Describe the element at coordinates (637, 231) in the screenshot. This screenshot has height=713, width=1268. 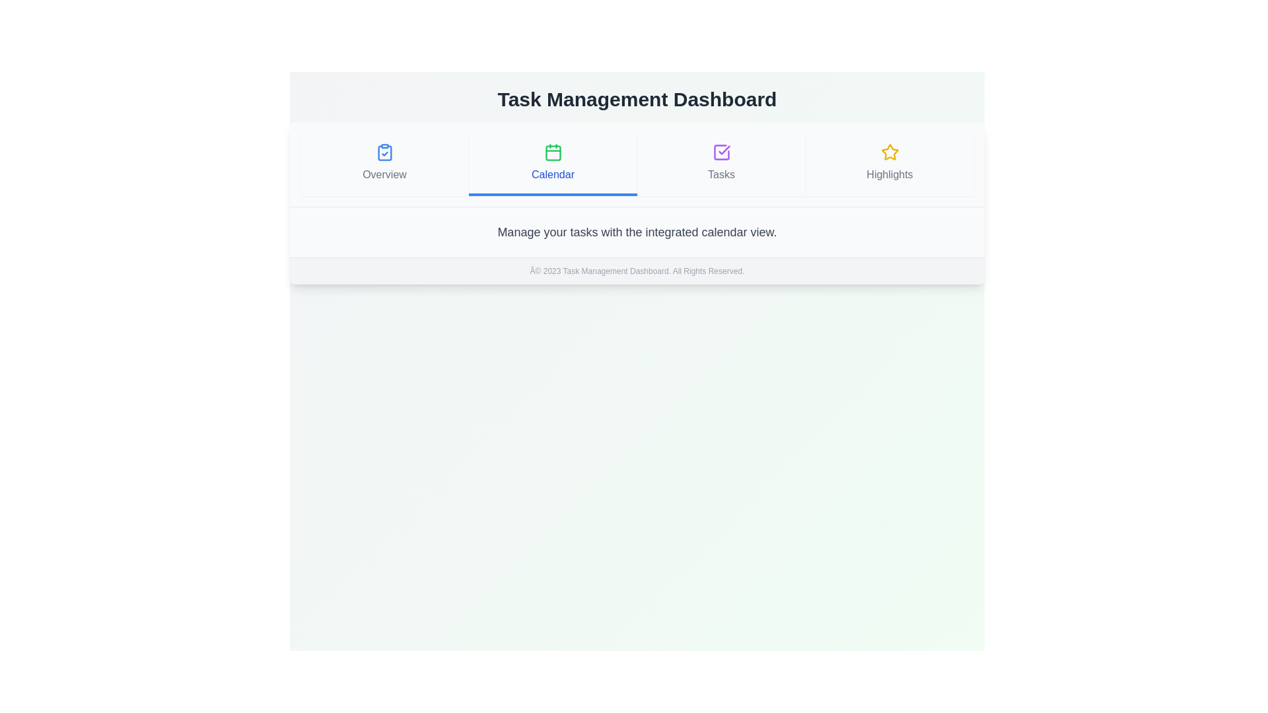
I see `the text block containing the message 'Manage your tasks with the integrated calendar view.' which is styled for readability and located between the navigation tabs and the footer` at that location.